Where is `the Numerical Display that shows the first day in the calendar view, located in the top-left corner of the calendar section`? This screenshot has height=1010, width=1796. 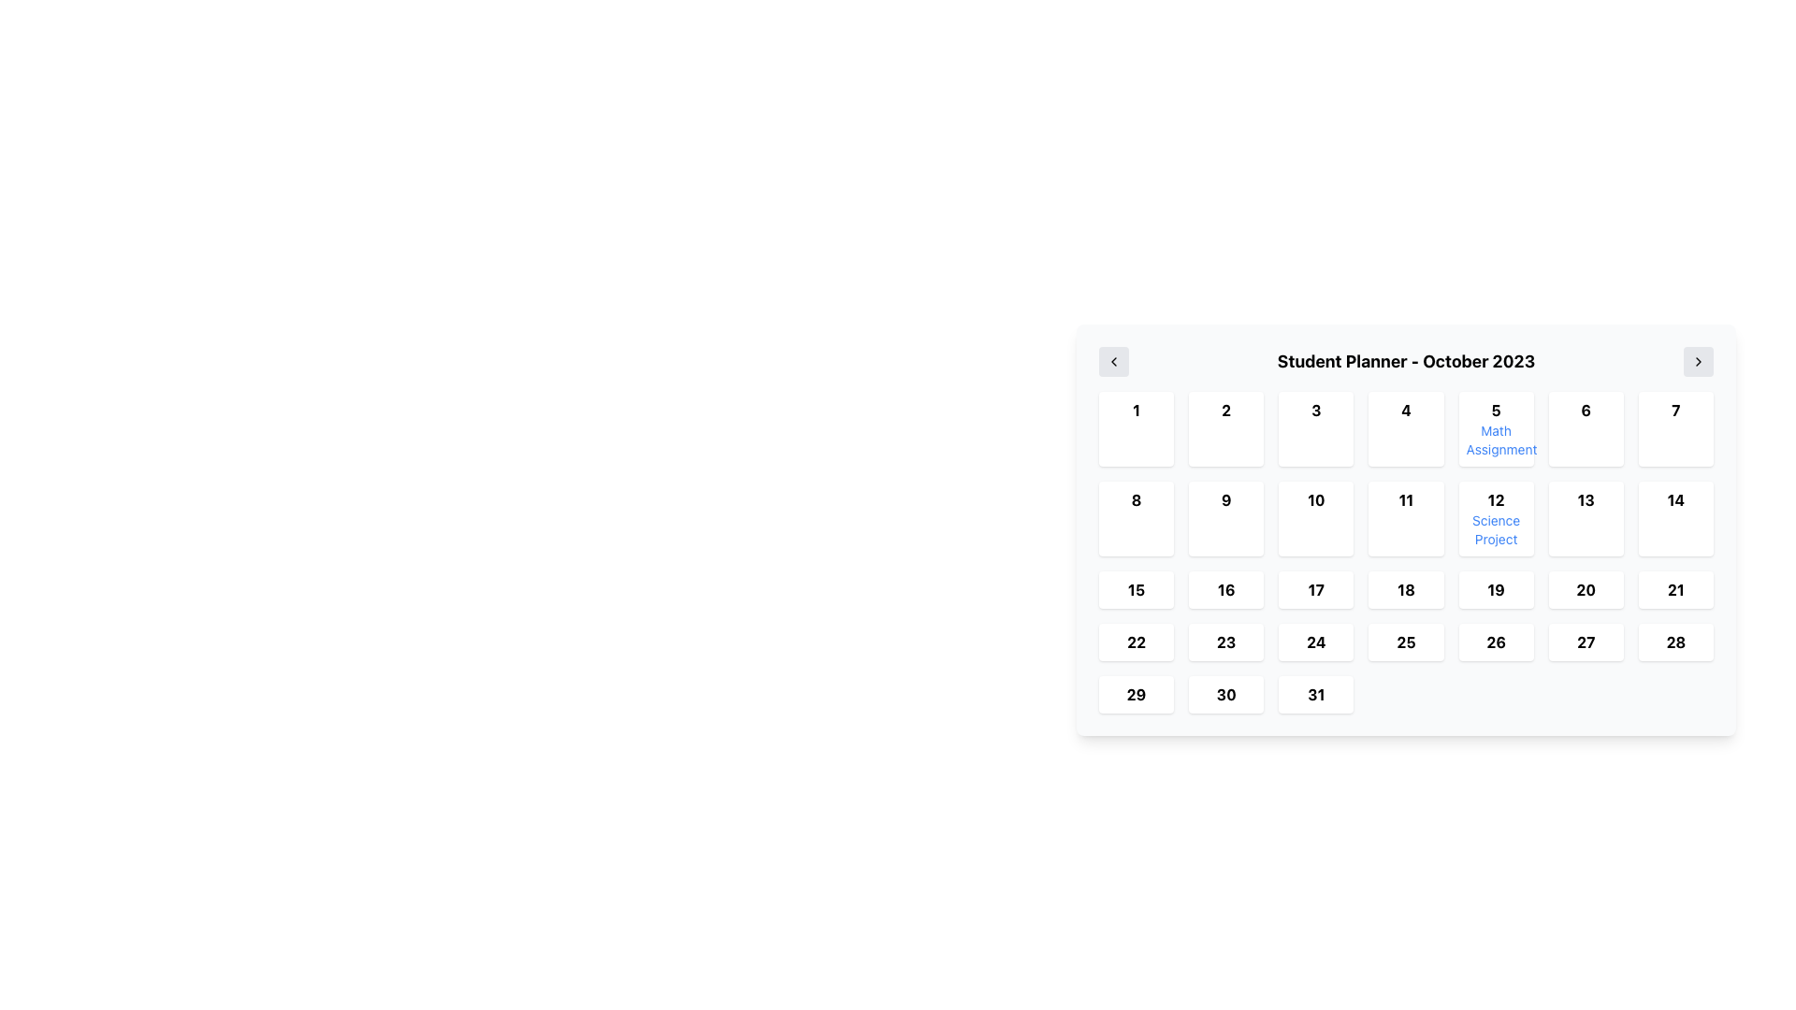 the Numerical Display that shows the first day in the calendar view, located in the top-left corner of the calendar section is located at coordinates (1135, 410).